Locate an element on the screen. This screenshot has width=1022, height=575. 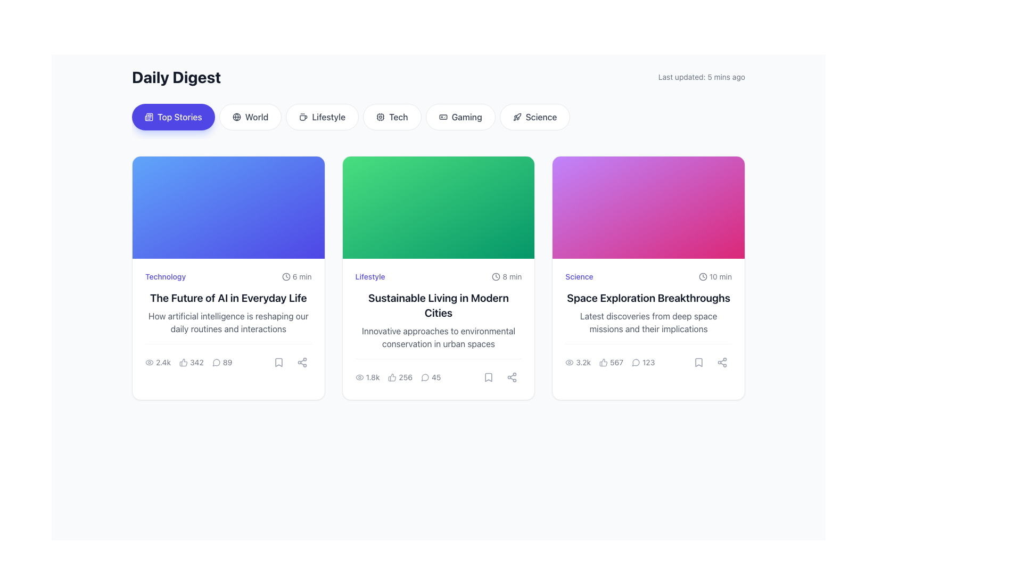
value displayed in the Text Label with Icon that shows the total number of views for the content card titled 'Sustainable Living in Modern Cities'. This element is the first numeric indicator in the row, positioned to the left of the counts '256' and '45' is located at coordinates (367, 377).